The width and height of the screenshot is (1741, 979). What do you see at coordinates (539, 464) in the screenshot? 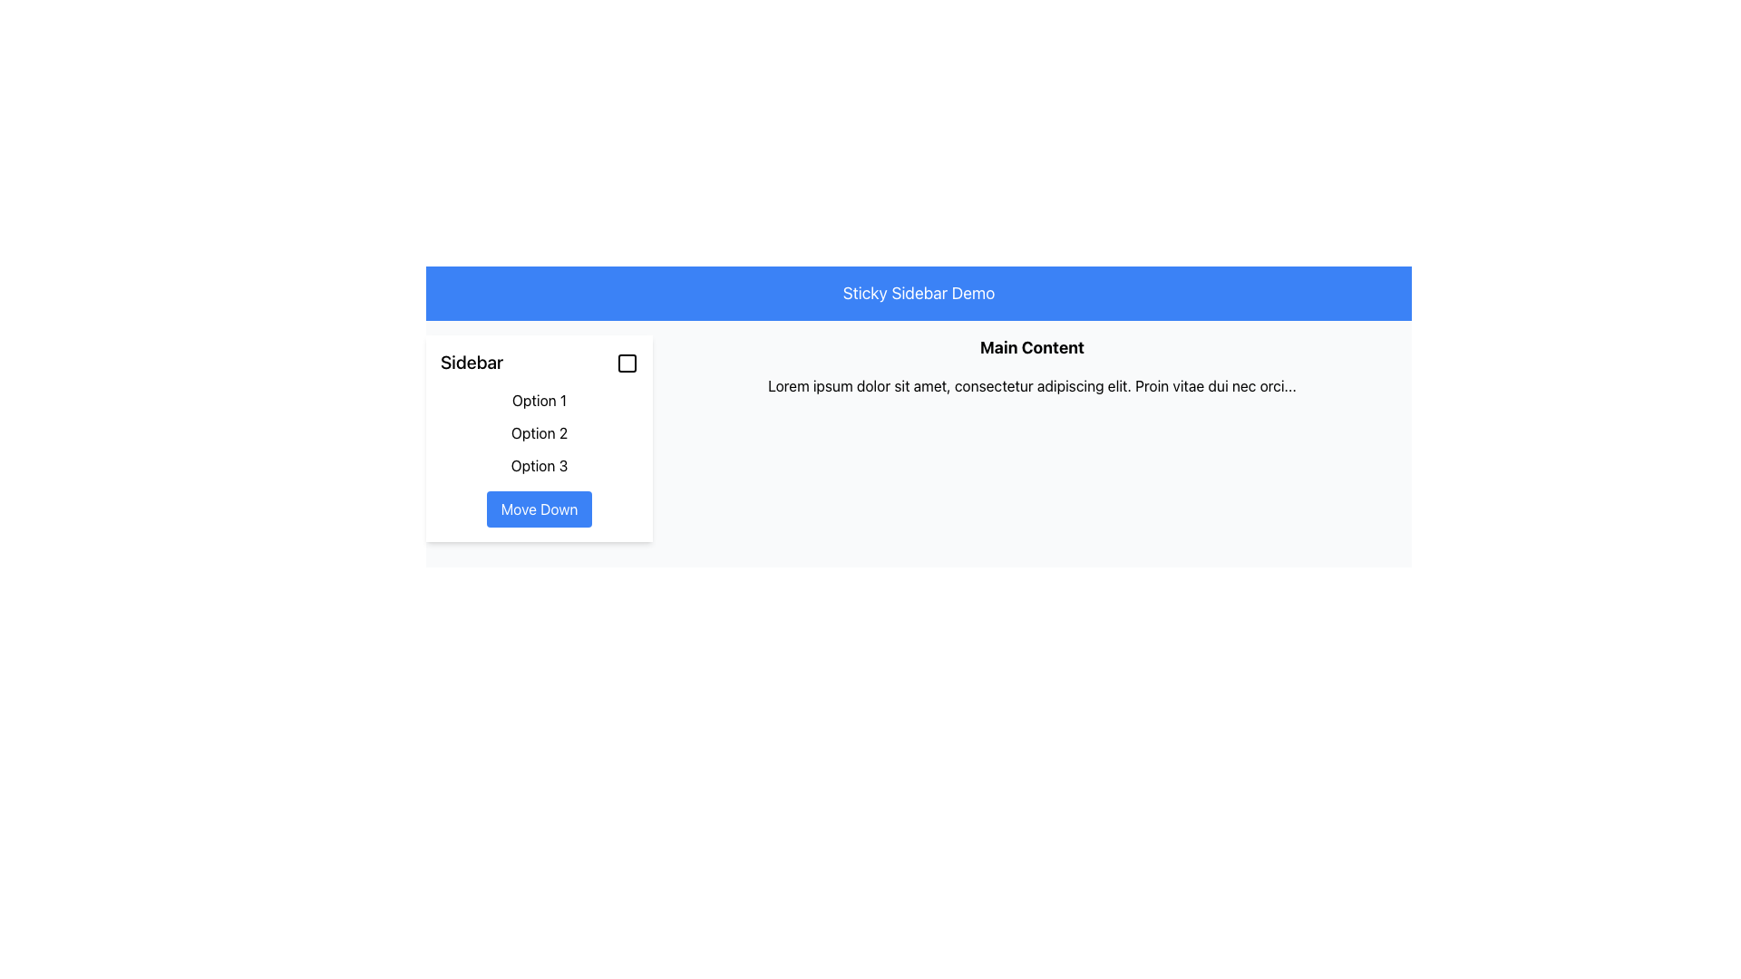
I see `the 'Option 3' text link in the sidebar` at bounding box center [539, 464].